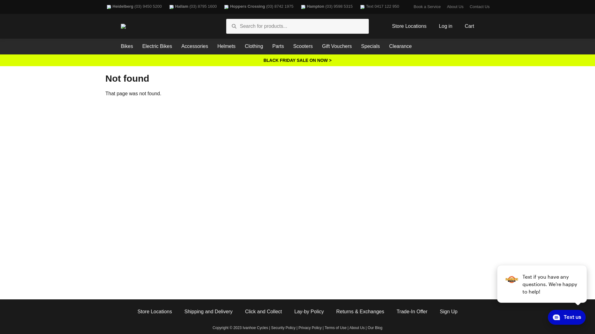 The image size is (595, 334). I want to click on 'Heidelberg (03) 9450 5200', so click(105, 7).